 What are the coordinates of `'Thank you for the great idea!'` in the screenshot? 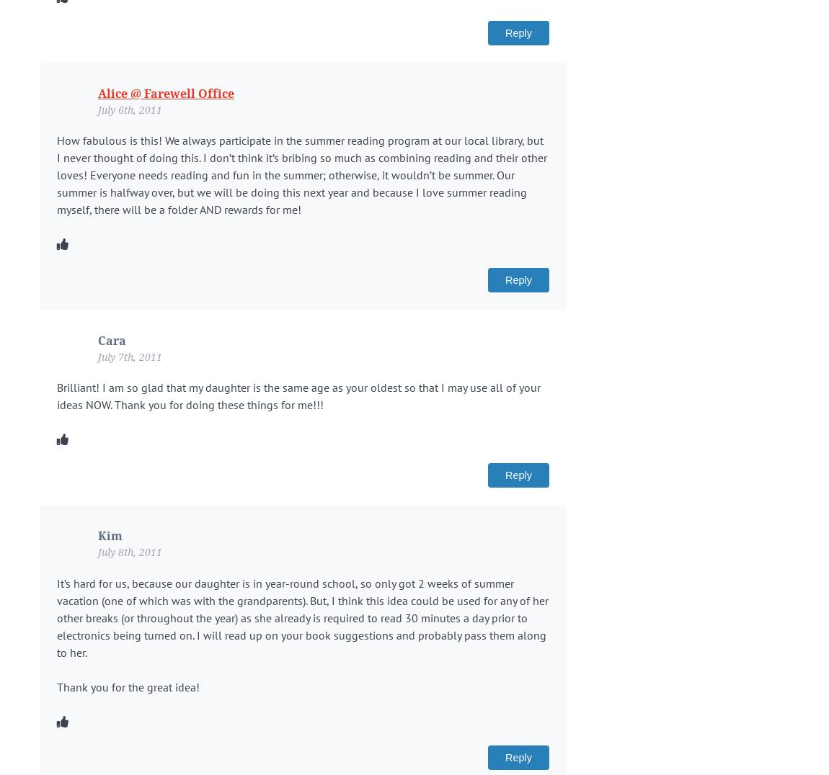 It's located at (56, 686).